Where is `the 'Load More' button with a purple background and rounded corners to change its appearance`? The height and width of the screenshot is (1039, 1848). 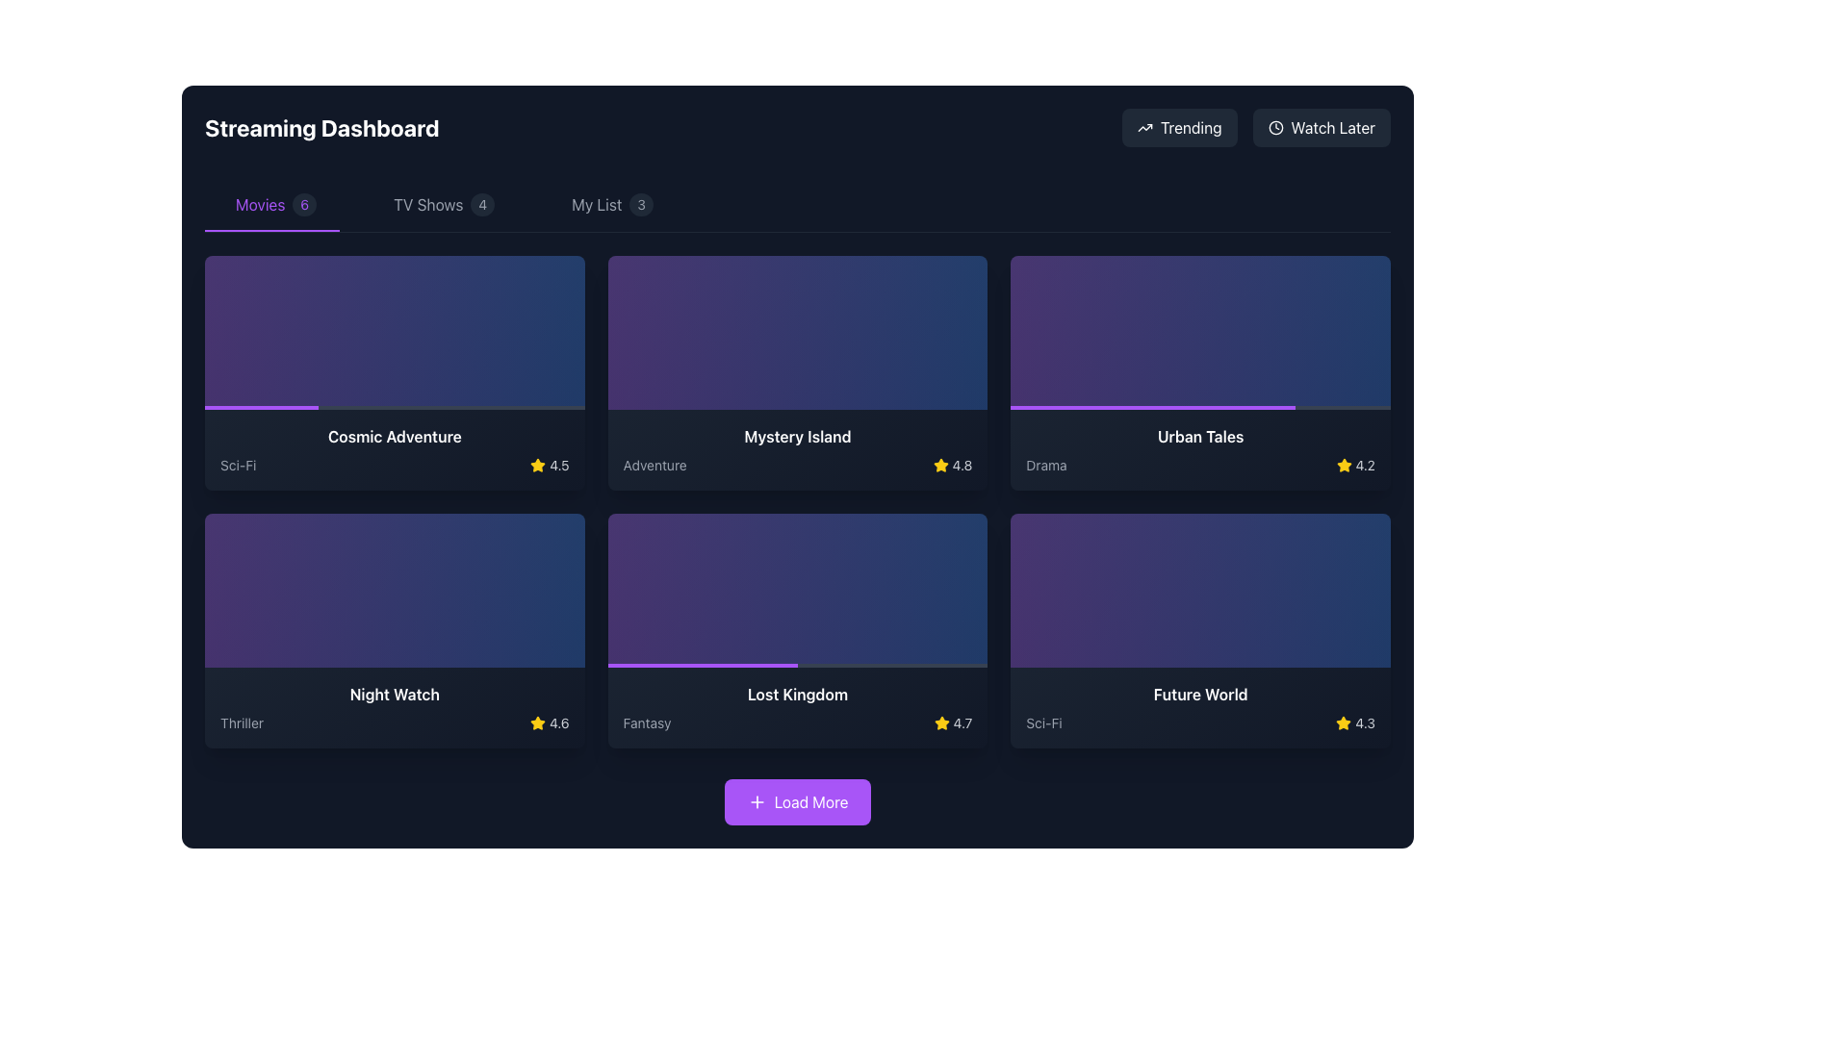 the 'Load More' button with a purple background and rounded corners to change its appearance is located at coordinates (798, 801).